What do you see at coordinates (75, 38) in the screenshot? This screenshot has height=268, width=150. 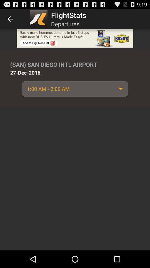 I see `advertisement` at bounding box center [75, 38].